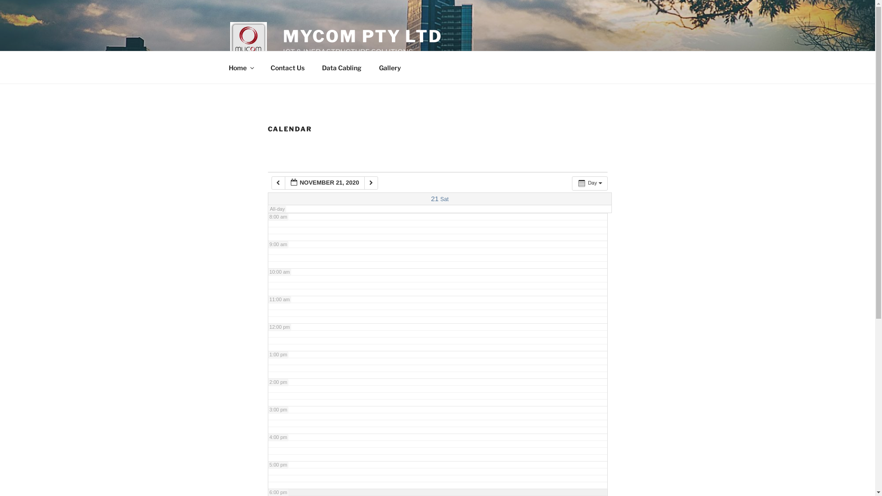 This screenshot has height=496, width=882. Describe the element at coordinates (341, 67) in the screenshot. I see `'Data Cabling'` at that location.